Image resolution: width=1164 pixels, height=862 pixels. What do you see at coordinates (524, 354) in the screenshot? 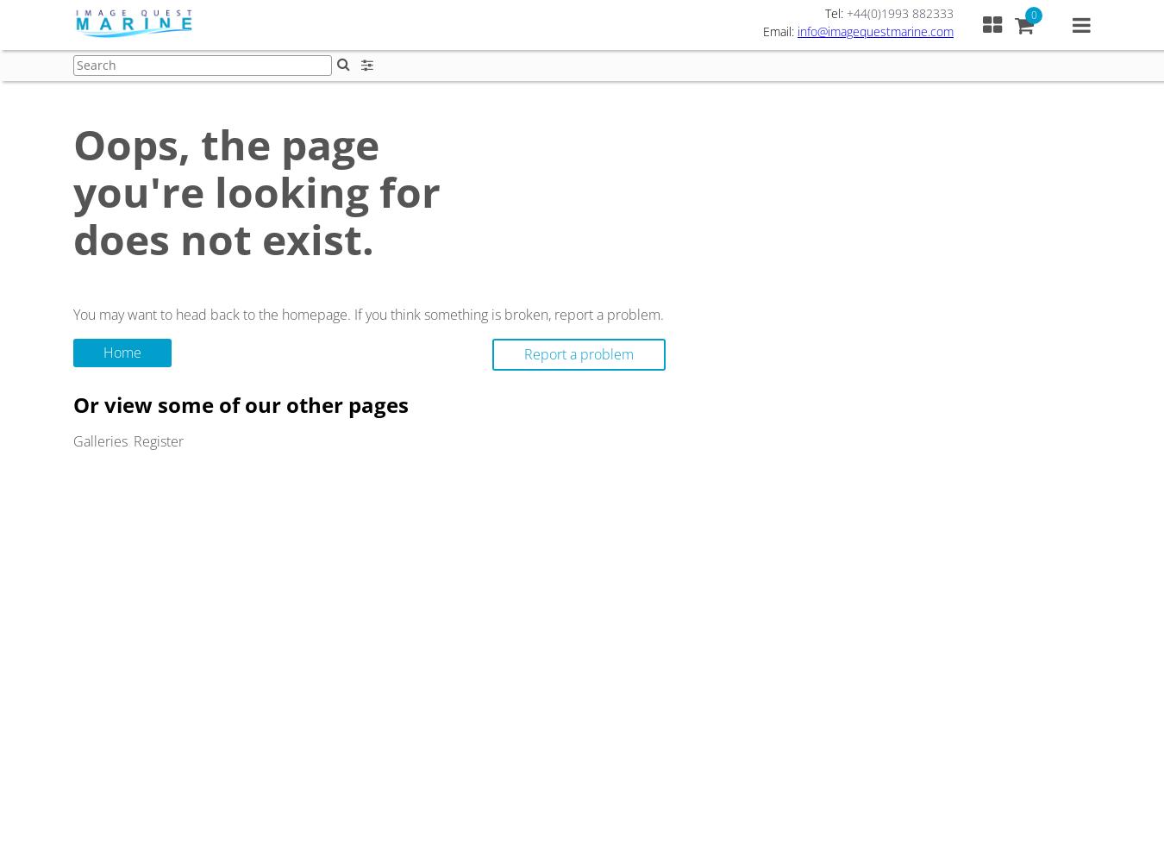
I see `'Report a problem'` at bounding box center [524, 354].